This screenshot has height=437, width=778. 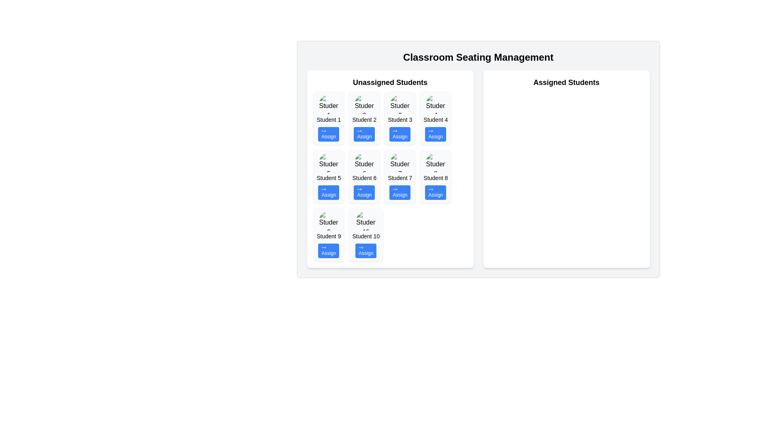 What do you see at coordinates (395, 131) in the screenshot?
I see `the movement or assignment icon embedded within the 'Assign' button for 'Student 3' in the 'Unassigned Students' section` at bounding box center [395, 131].